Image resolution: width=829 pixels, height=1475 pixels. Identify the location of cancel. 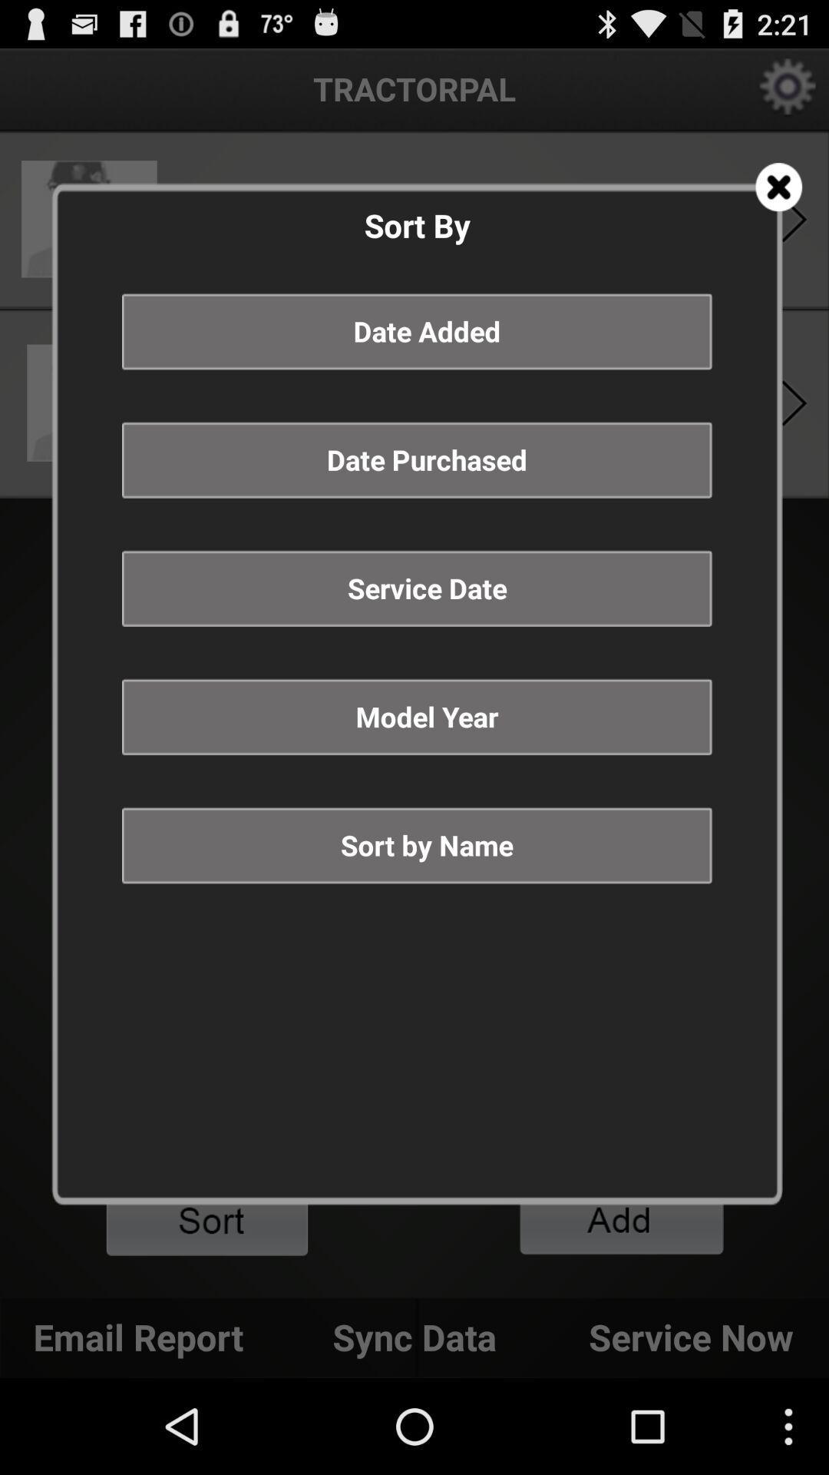
(778, 186).